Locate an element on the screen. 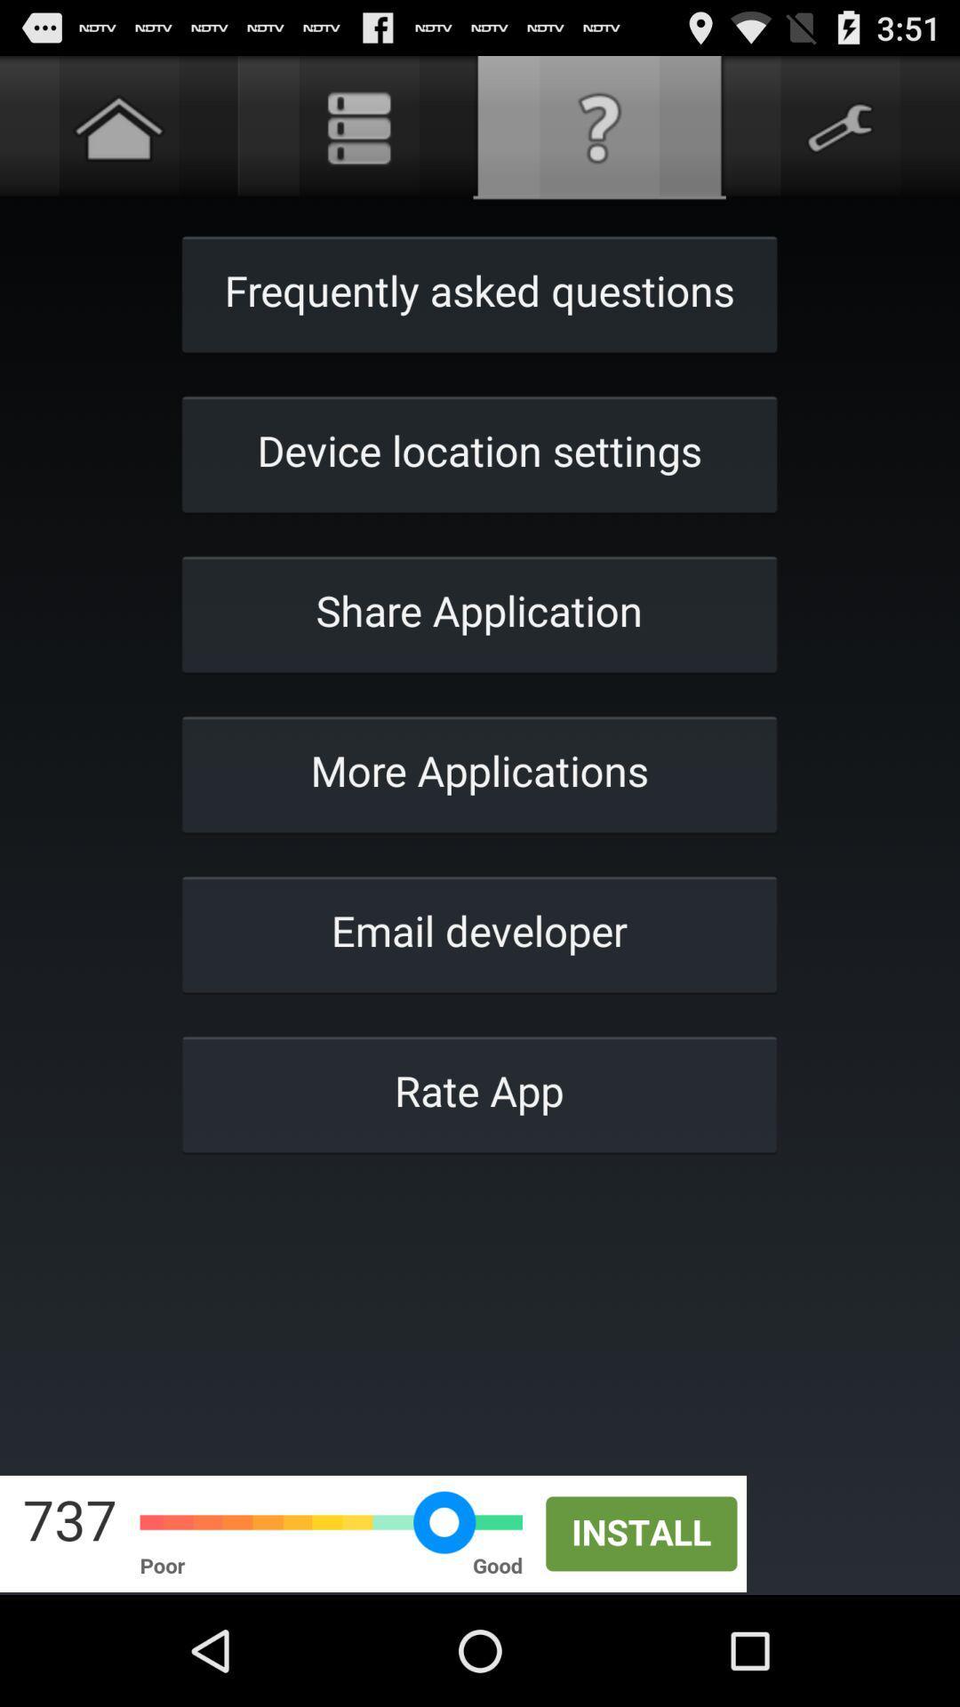  install is located at coordinates (480, 1533).